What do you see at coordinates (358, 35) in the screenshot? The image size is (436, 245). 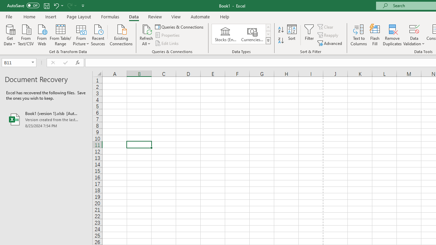 I see `'Text to Columns...'` at bounding box center [358, 35].